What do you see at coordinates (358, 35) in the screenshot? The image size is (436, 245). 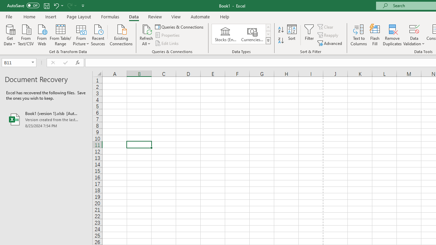 I see `'Text to Columns...'` at bounding box center [358, 35].